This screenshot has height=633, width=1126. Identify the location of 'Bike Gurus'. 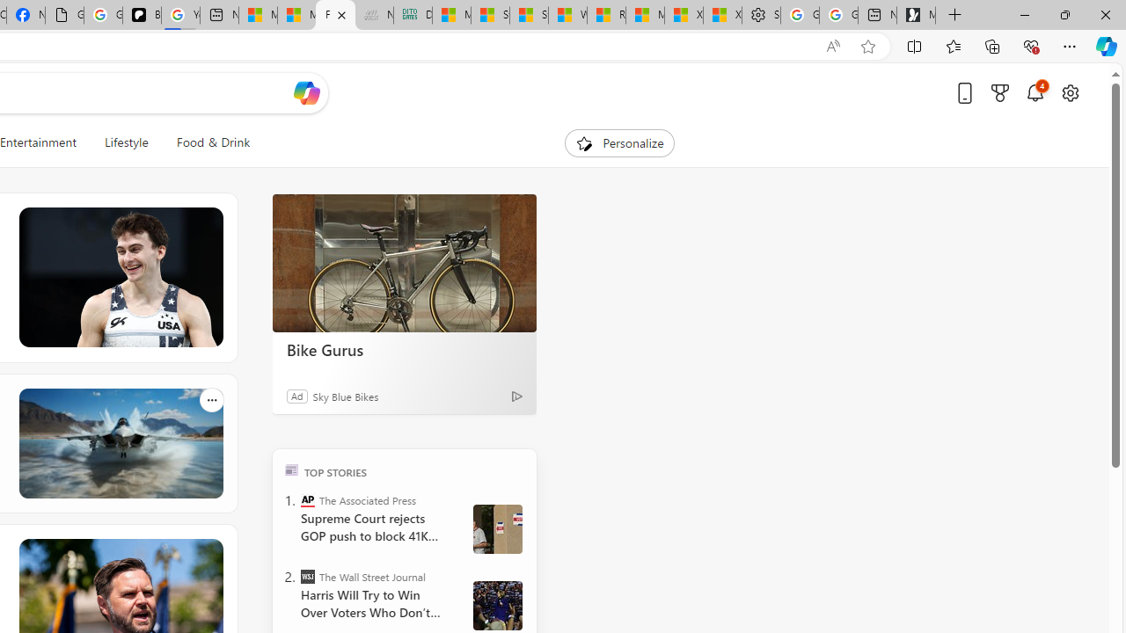
(404, 263).